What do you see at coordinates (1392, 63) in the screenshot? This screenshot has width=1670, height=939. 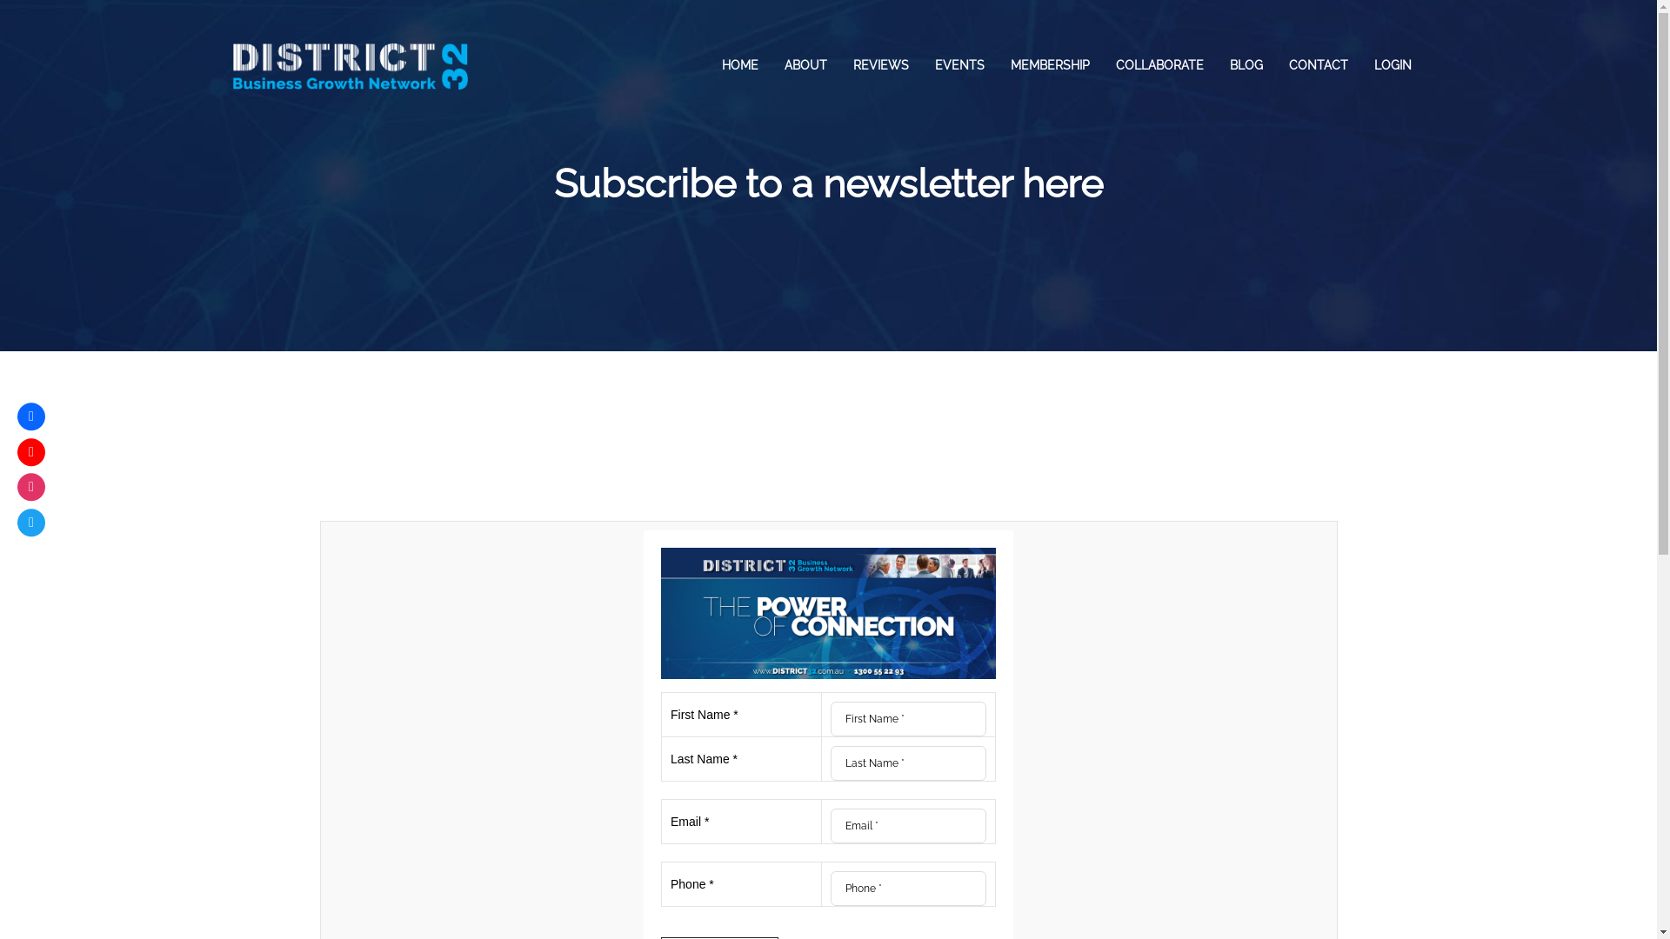 I see `'LOGIN'` at bounding box center [1392, 63].